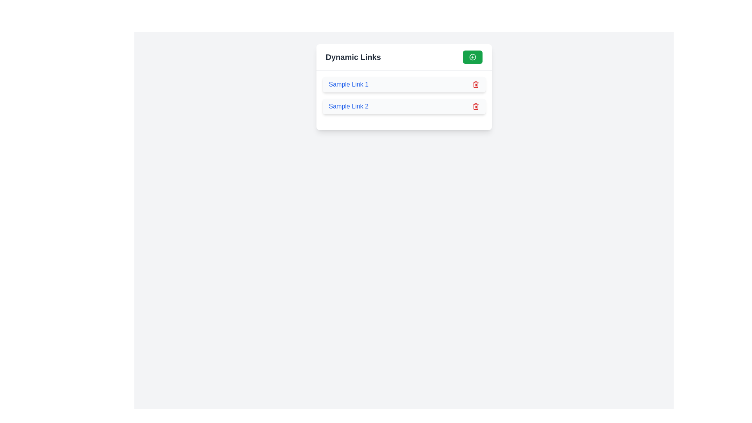 Image resolution: width=752 pixels, height=423 pixels. Describe the element at coordinates (475, 85) in the screenshot. I see `the delete icon button located on the right side of 'Sample Link 1'` at that location.